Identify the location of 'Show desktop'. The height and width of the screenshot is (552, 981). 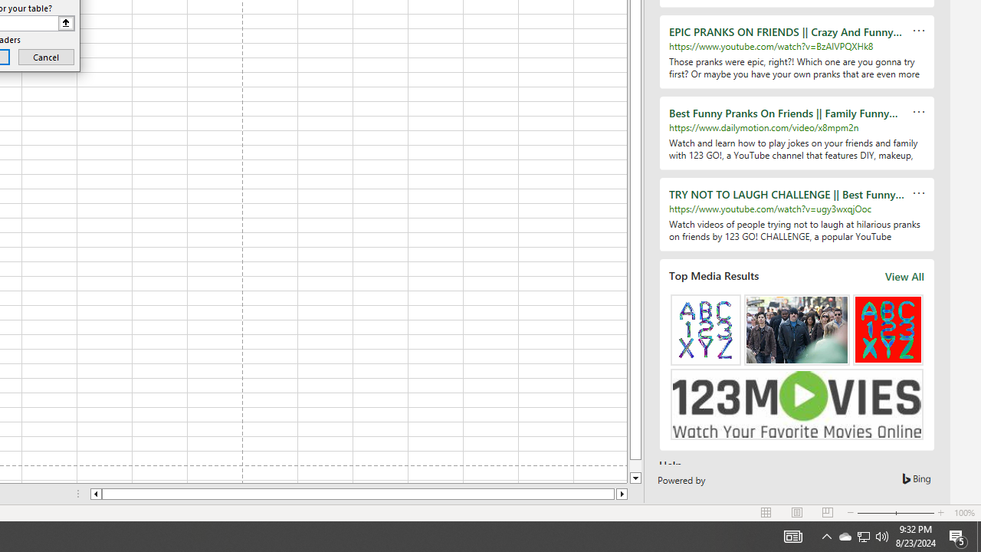
(978, 535).